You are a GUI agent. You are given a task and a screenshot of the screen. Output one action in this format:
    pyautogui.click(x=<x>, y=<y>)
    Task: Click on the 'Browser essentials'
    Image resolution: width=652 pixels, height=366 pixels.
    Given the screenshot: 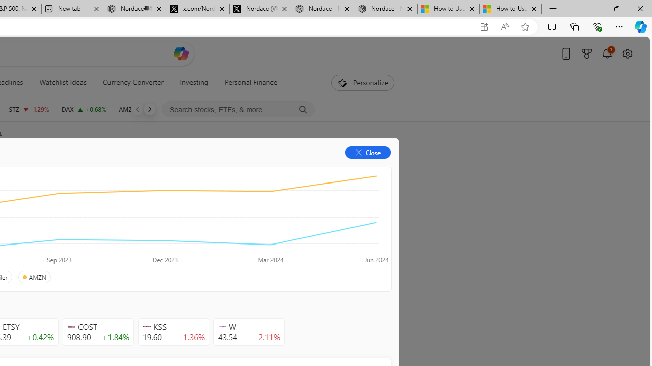 What is the action you would take?
    pyautogui.click(x=596, y=26)
    